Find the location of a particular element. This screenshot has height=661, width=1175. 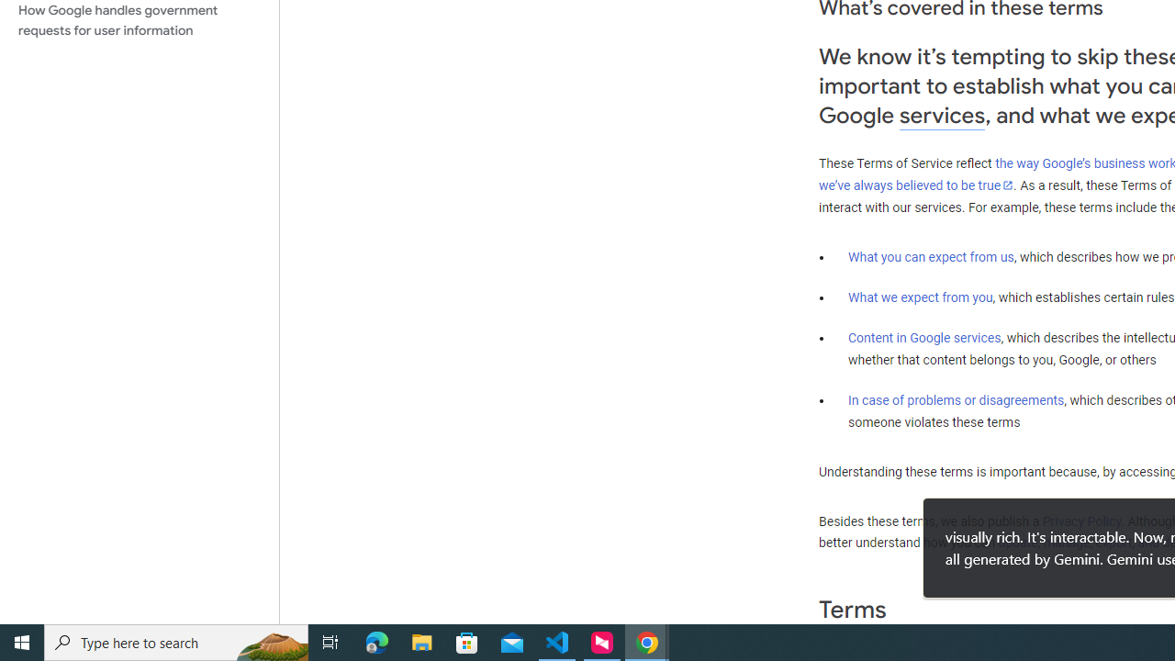

'What you can expect from us' is located at coordinates (931, 256).